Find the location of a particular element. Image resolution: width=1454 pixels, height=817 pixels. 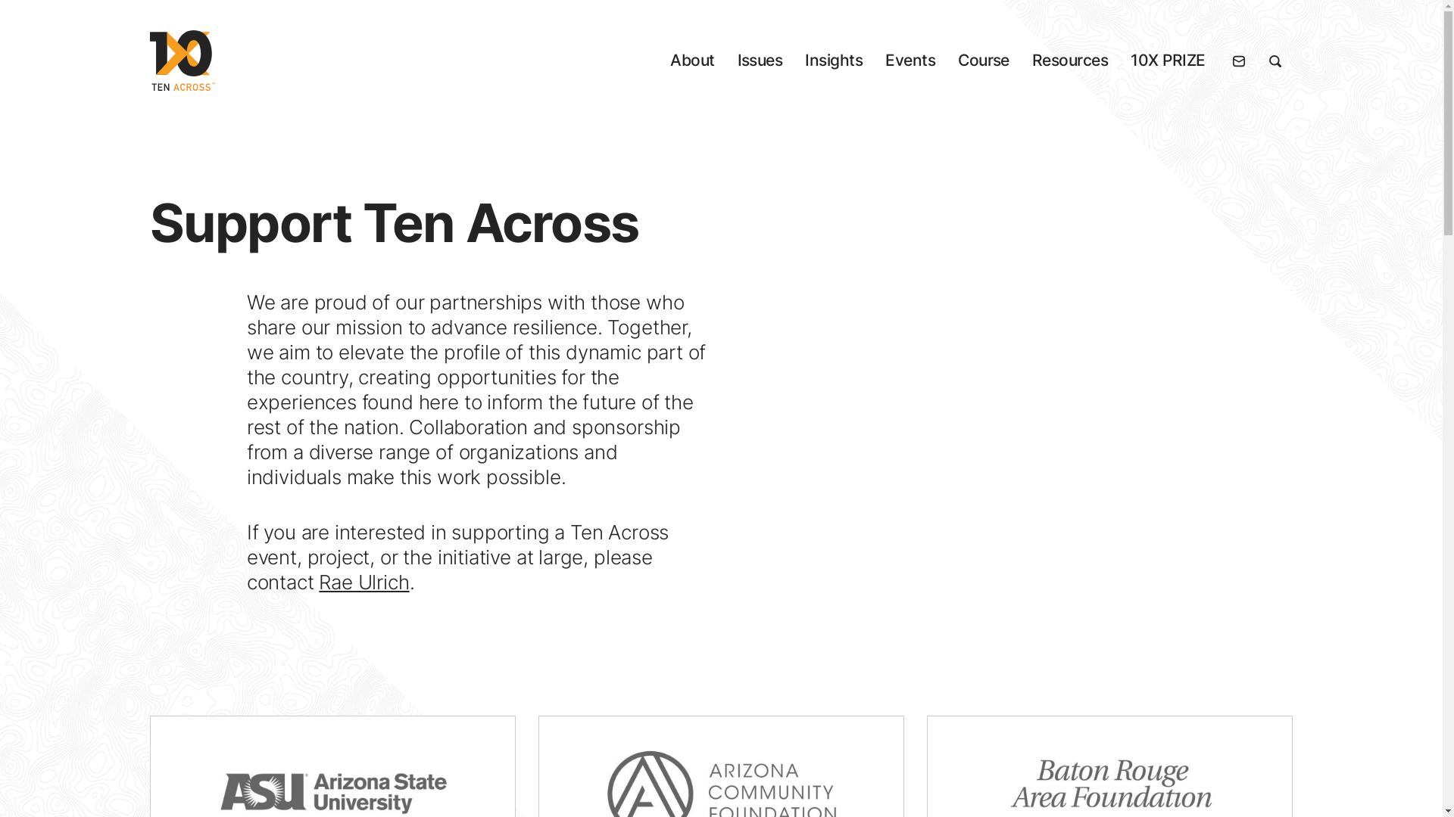

'Course' is located at coordinates (984, 60).